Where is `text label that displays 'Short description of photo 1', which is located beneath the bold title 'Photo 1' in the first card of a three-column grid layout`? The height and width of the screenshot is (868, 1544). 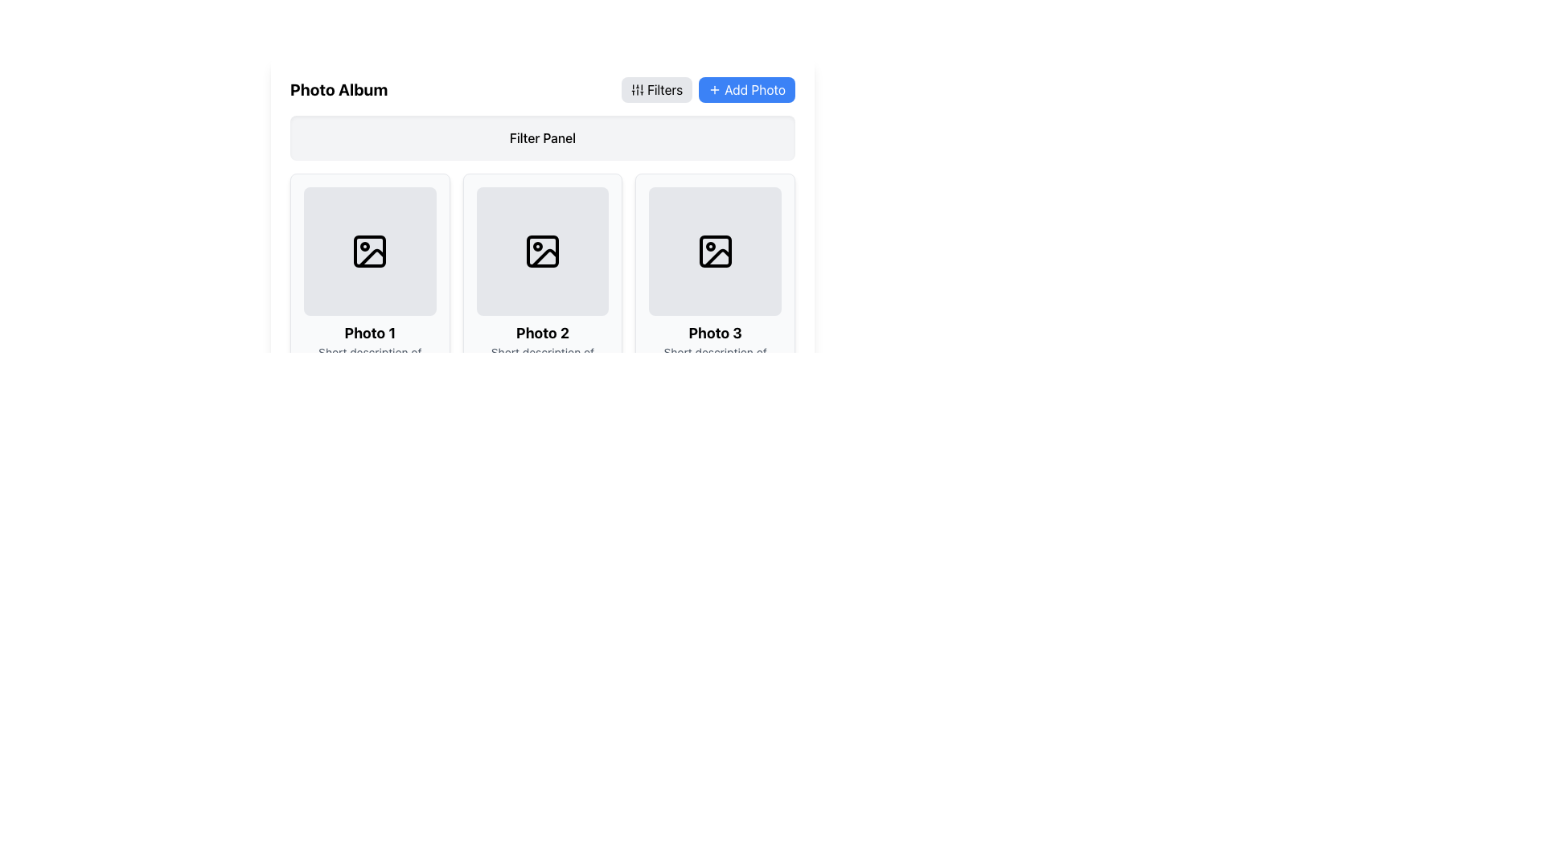 text label that displays 'Short description of photo 1', which is located beneath the bold title 'Photo 1' in the first card of a three-column grid layout is located at coordinates (369, 359).